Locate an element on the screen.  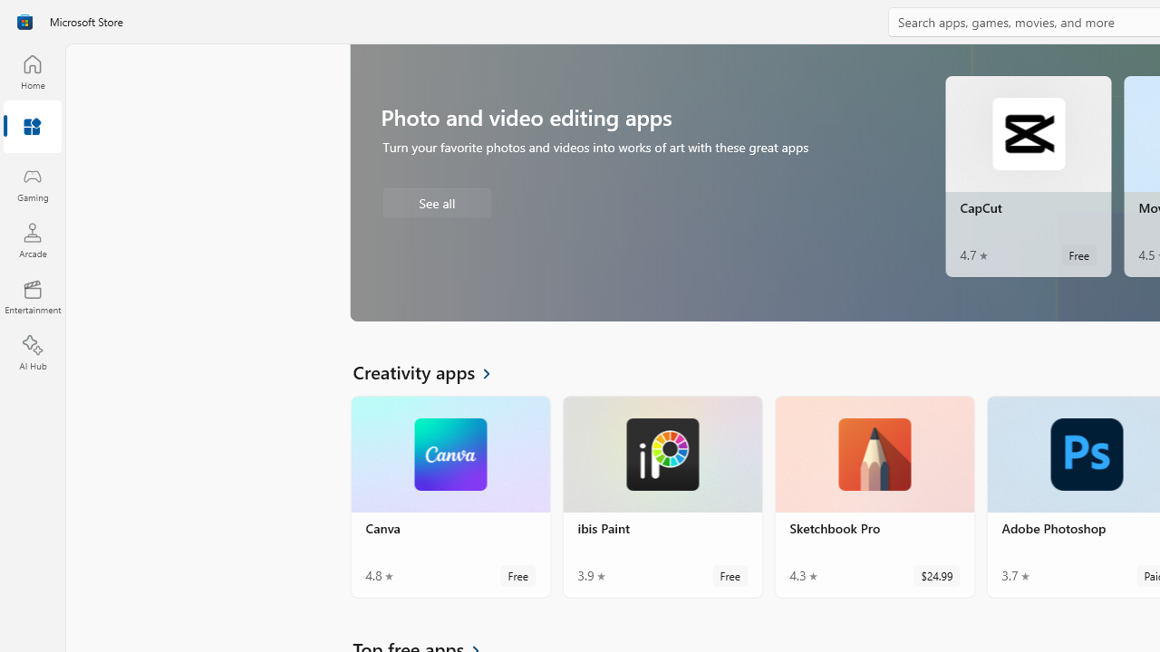
'See all  Photo and video editing apps' is located at coordinates (436, 202).